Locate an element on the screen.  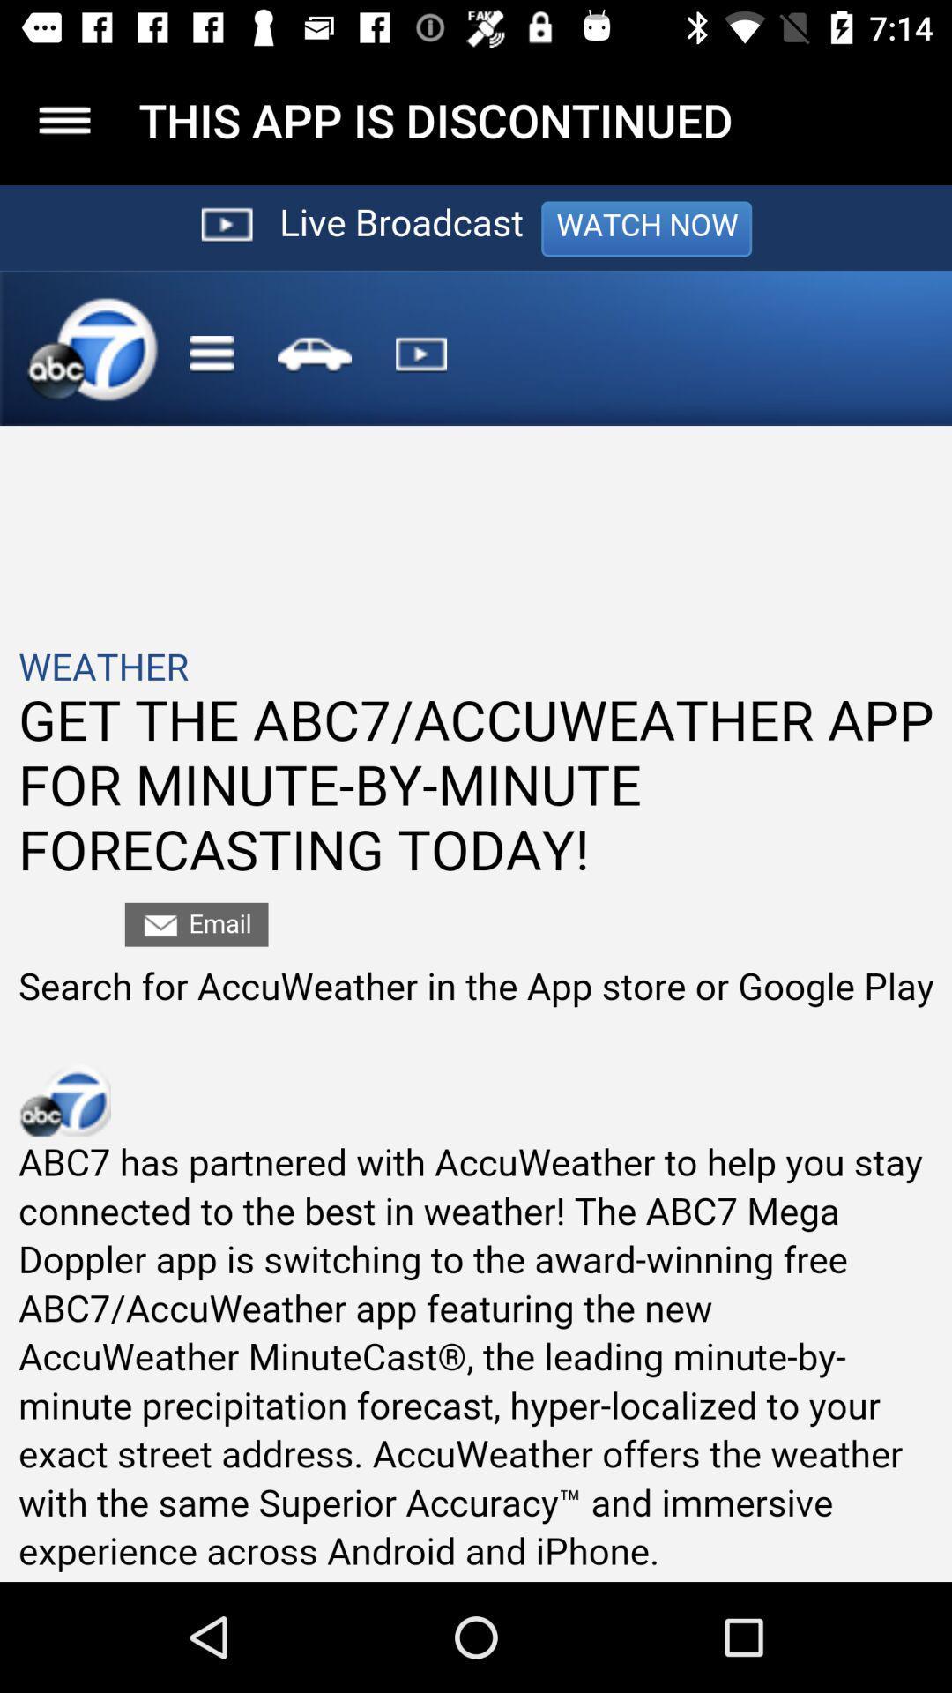
the menu icon is located at coordinates (63, 119).